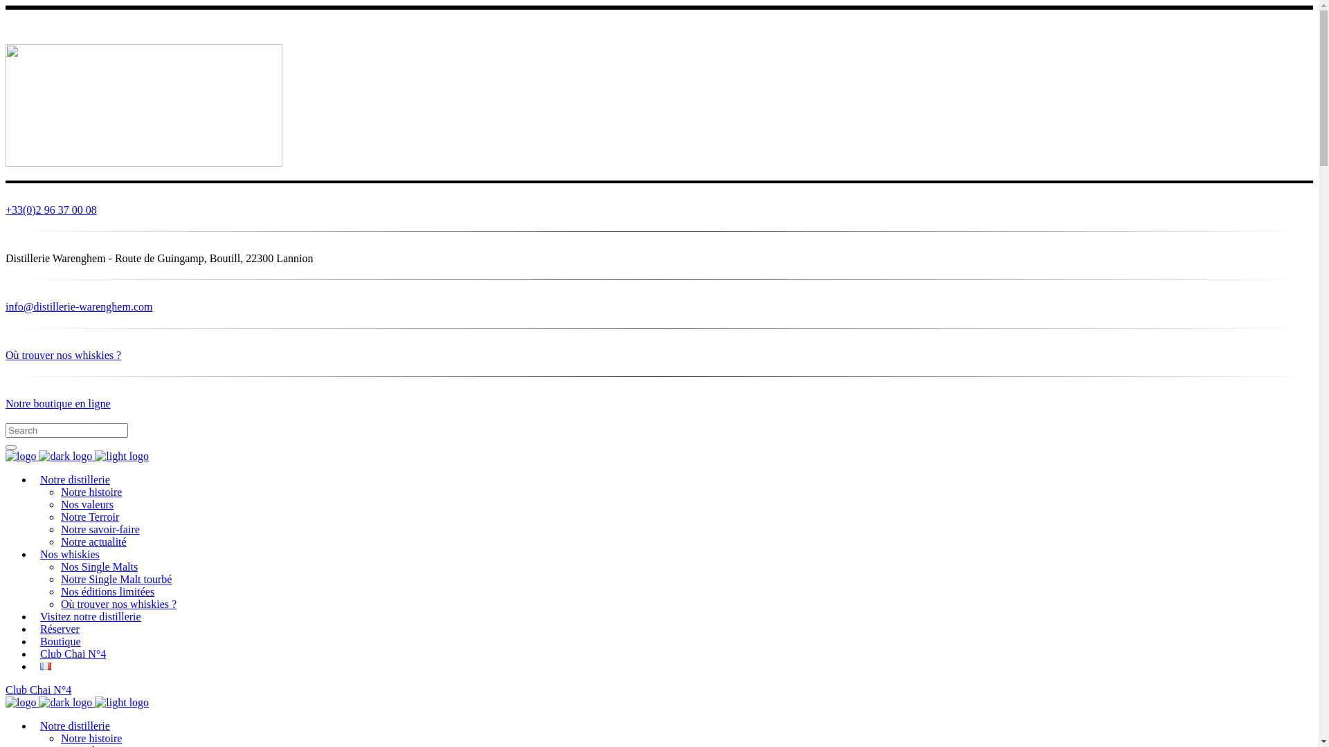 The width and height of the screenshot is (1329, 747). Describe the element at coordinates (658, 214) in the screenshot. I see `'+33(0)2 96 37 00 08'` at that location.